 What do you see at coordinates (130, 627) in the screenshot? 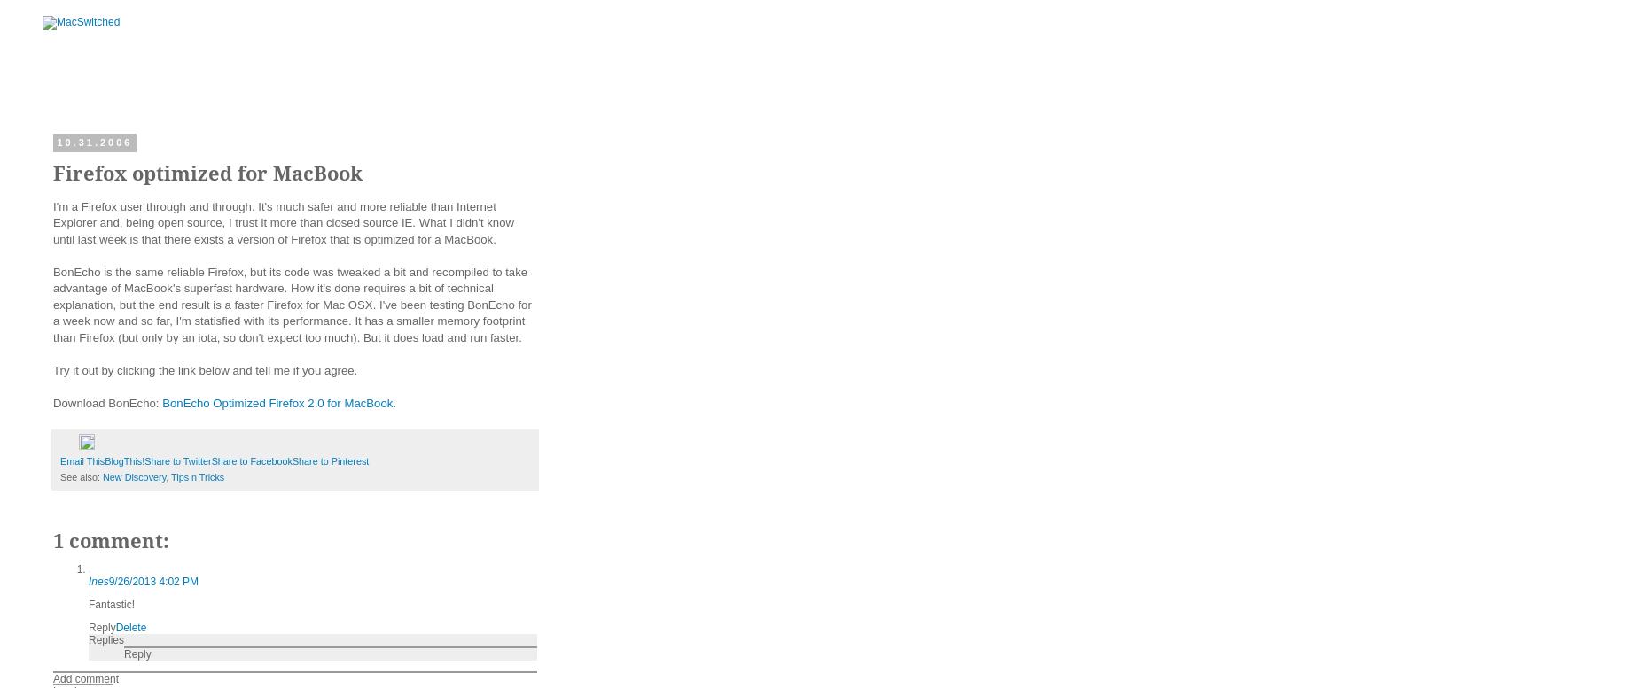
I see `'Delete'` at bounding box center [130, 627].